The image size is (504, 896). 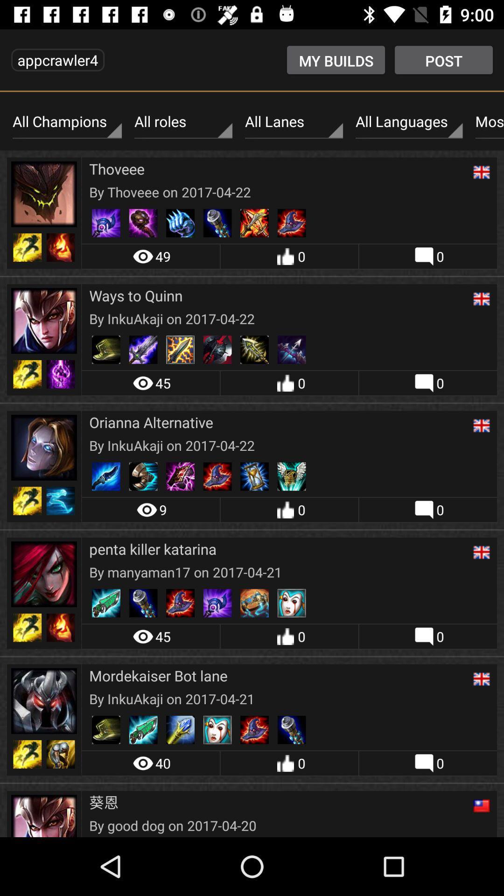 I want to click on item next to appcrawler4 item, so click(x=336, y=59).